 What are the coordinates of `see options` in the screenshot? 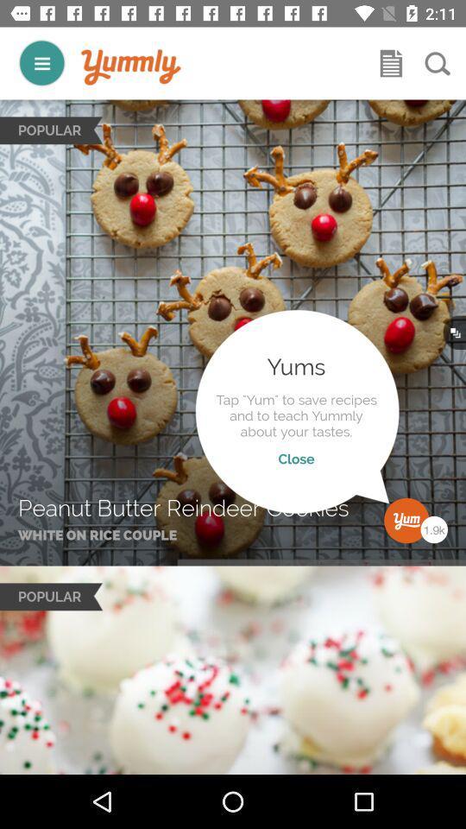 It's located at (41, 63).